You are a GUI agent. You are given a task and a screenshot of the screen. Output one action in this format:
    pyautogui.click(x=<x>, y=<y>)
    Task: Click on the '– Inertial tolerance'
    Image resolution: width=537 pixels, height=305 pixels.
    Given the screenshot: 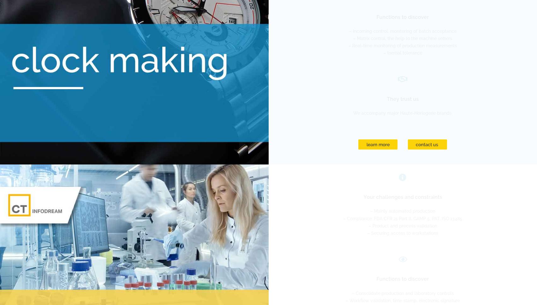 What is the action you would take?
    pyautogui.click(x=402, y=53)
    